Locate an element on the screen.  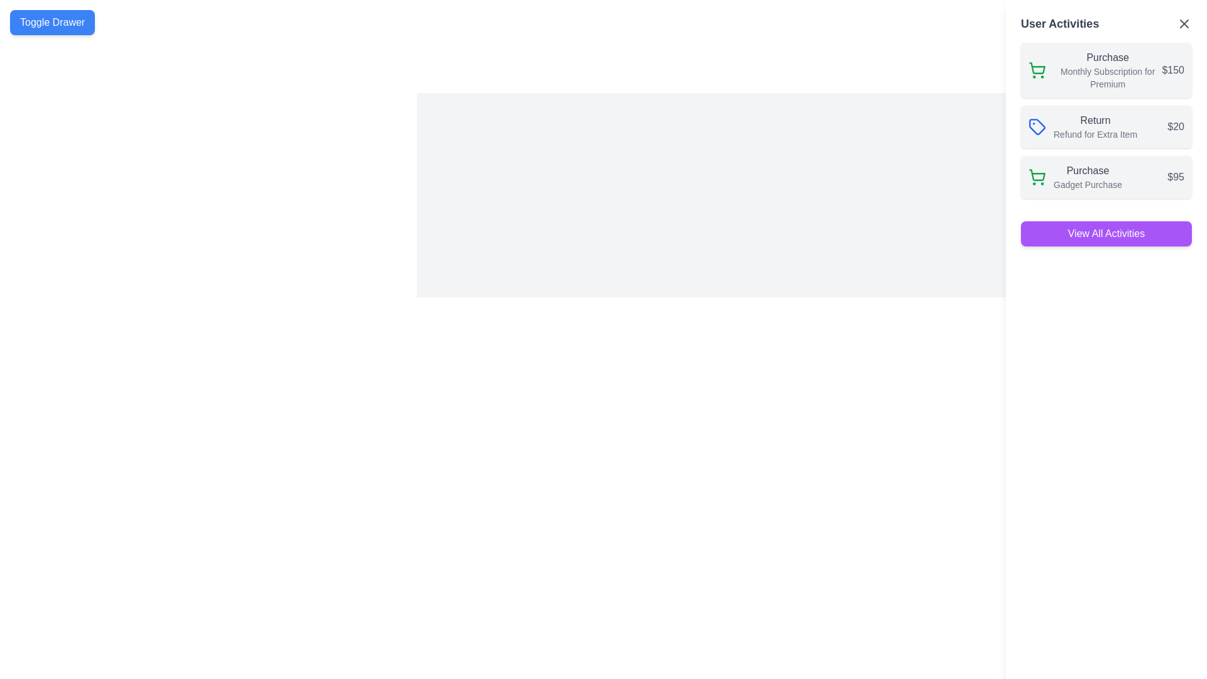
the text label that reads 'Refund for Extra Item', which is positioned below the 'Return' text in the 'User Activities' panel is located at coordinates (1094, 134).